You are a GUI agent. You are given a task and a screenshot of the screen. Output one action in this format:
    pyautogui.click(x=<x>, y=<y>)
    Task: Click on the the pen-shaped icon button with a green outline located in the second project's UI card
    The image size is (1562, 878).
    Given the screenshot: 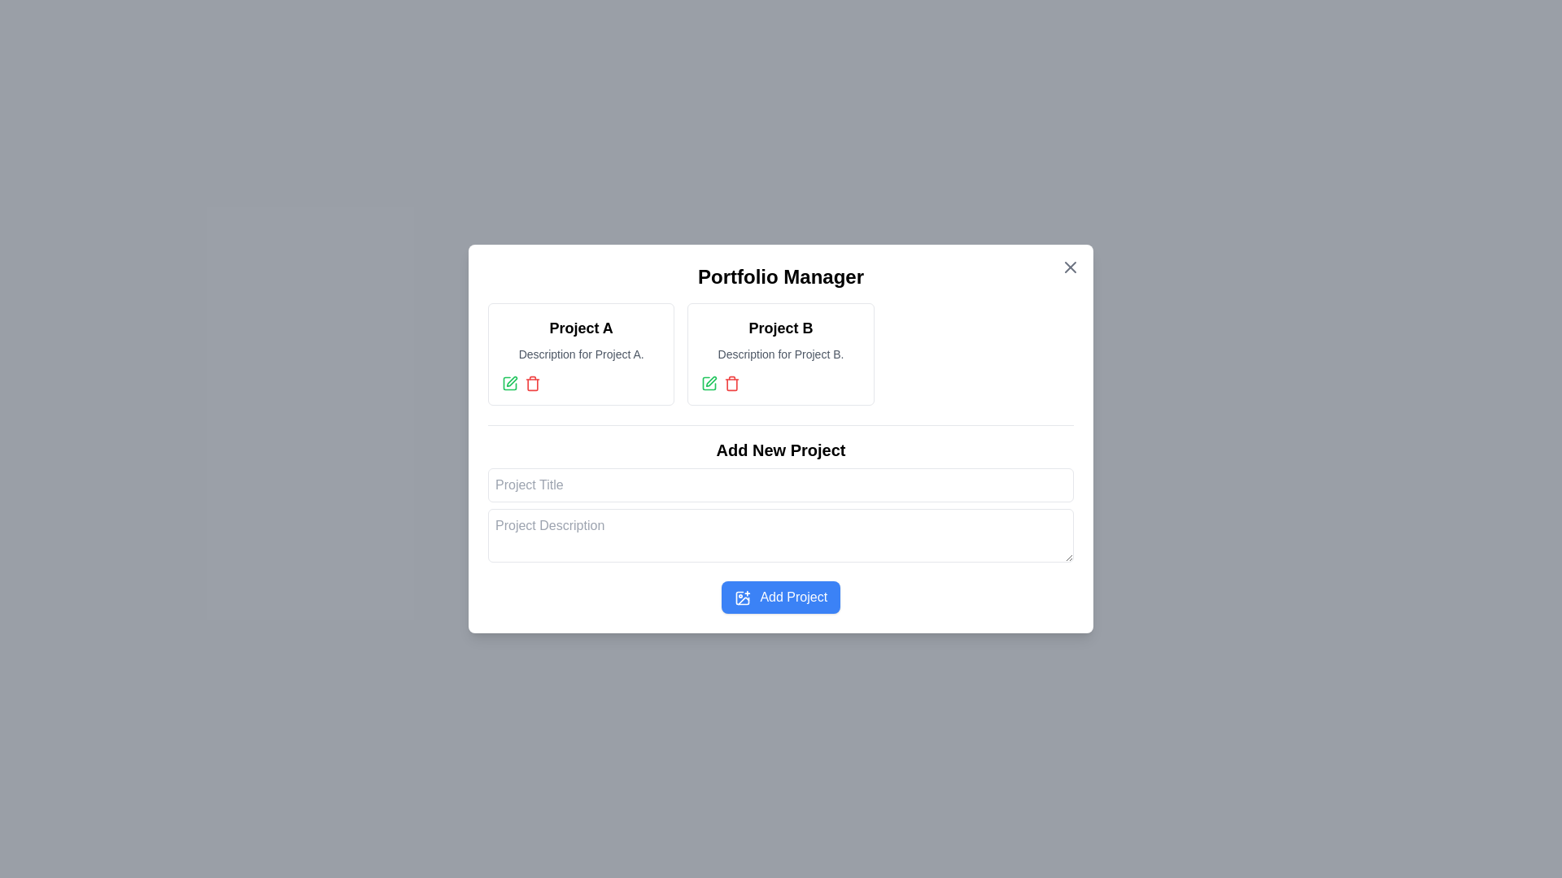 What is the action you would take?
    pyautogui.click(x=711, y=381)
    